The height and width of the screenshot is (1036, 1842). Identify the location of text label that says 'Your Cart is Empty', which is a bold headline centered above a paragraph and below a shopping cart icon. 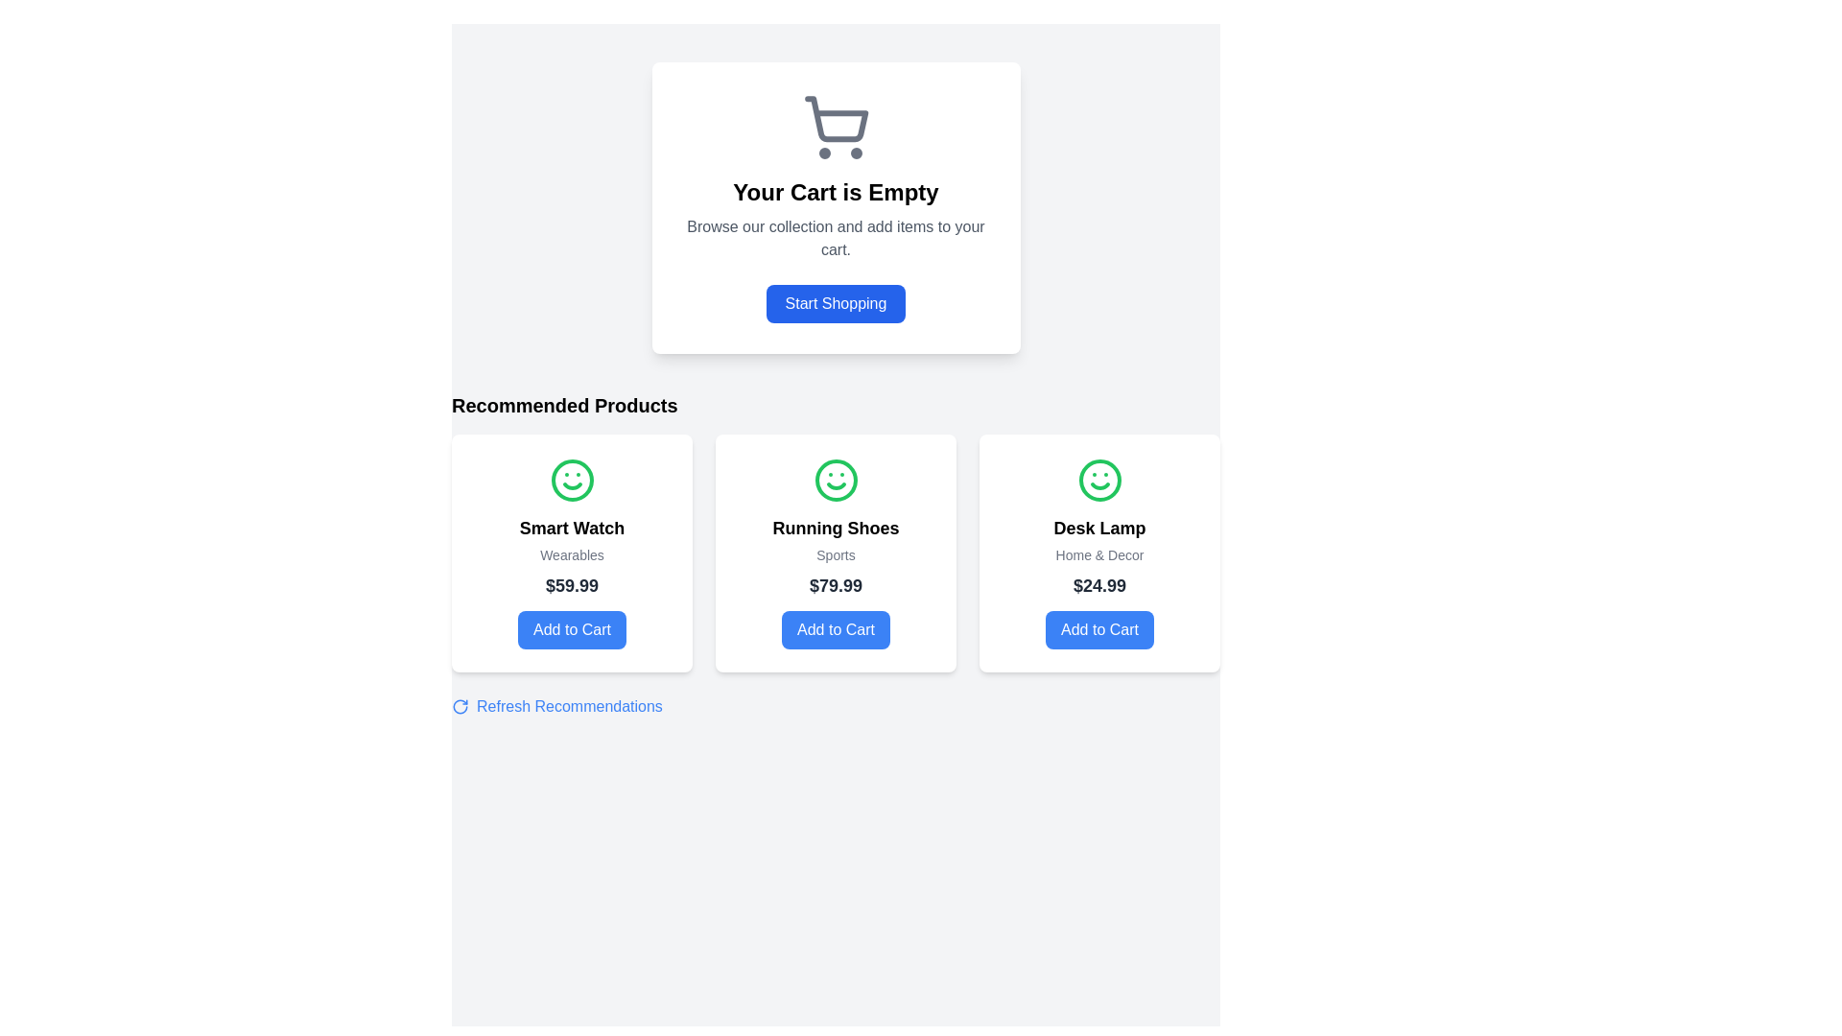
(836, 192).